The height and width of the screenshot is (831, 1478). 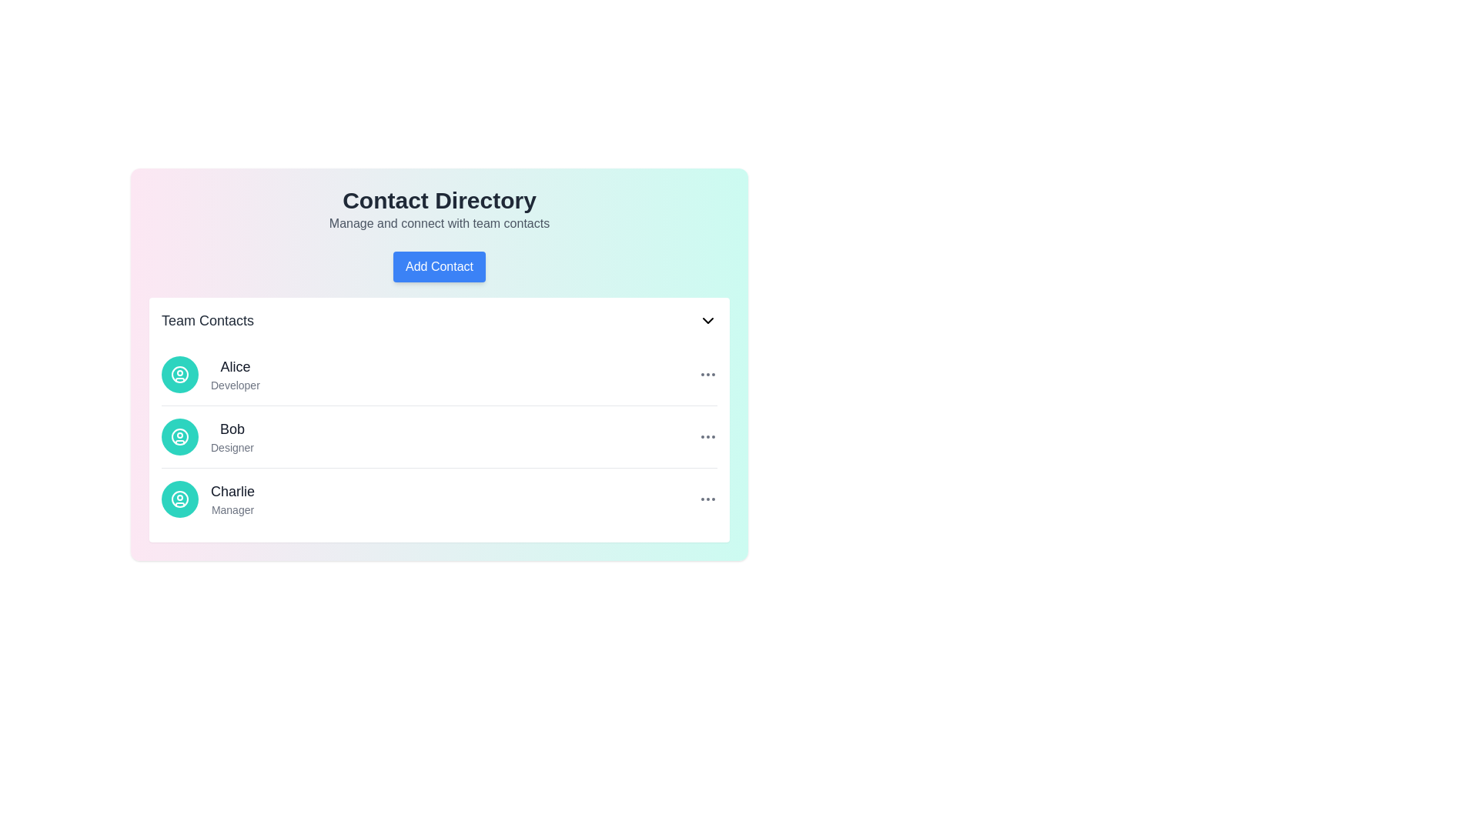 What do you see at coordinates (232, 499) in the screenshot?
I see `the non-interactive Text Label displaying the name and role of a contact in the 'Team Contacts' section, located to the right of the circular avatar icon` at bounding box center [232, 499].